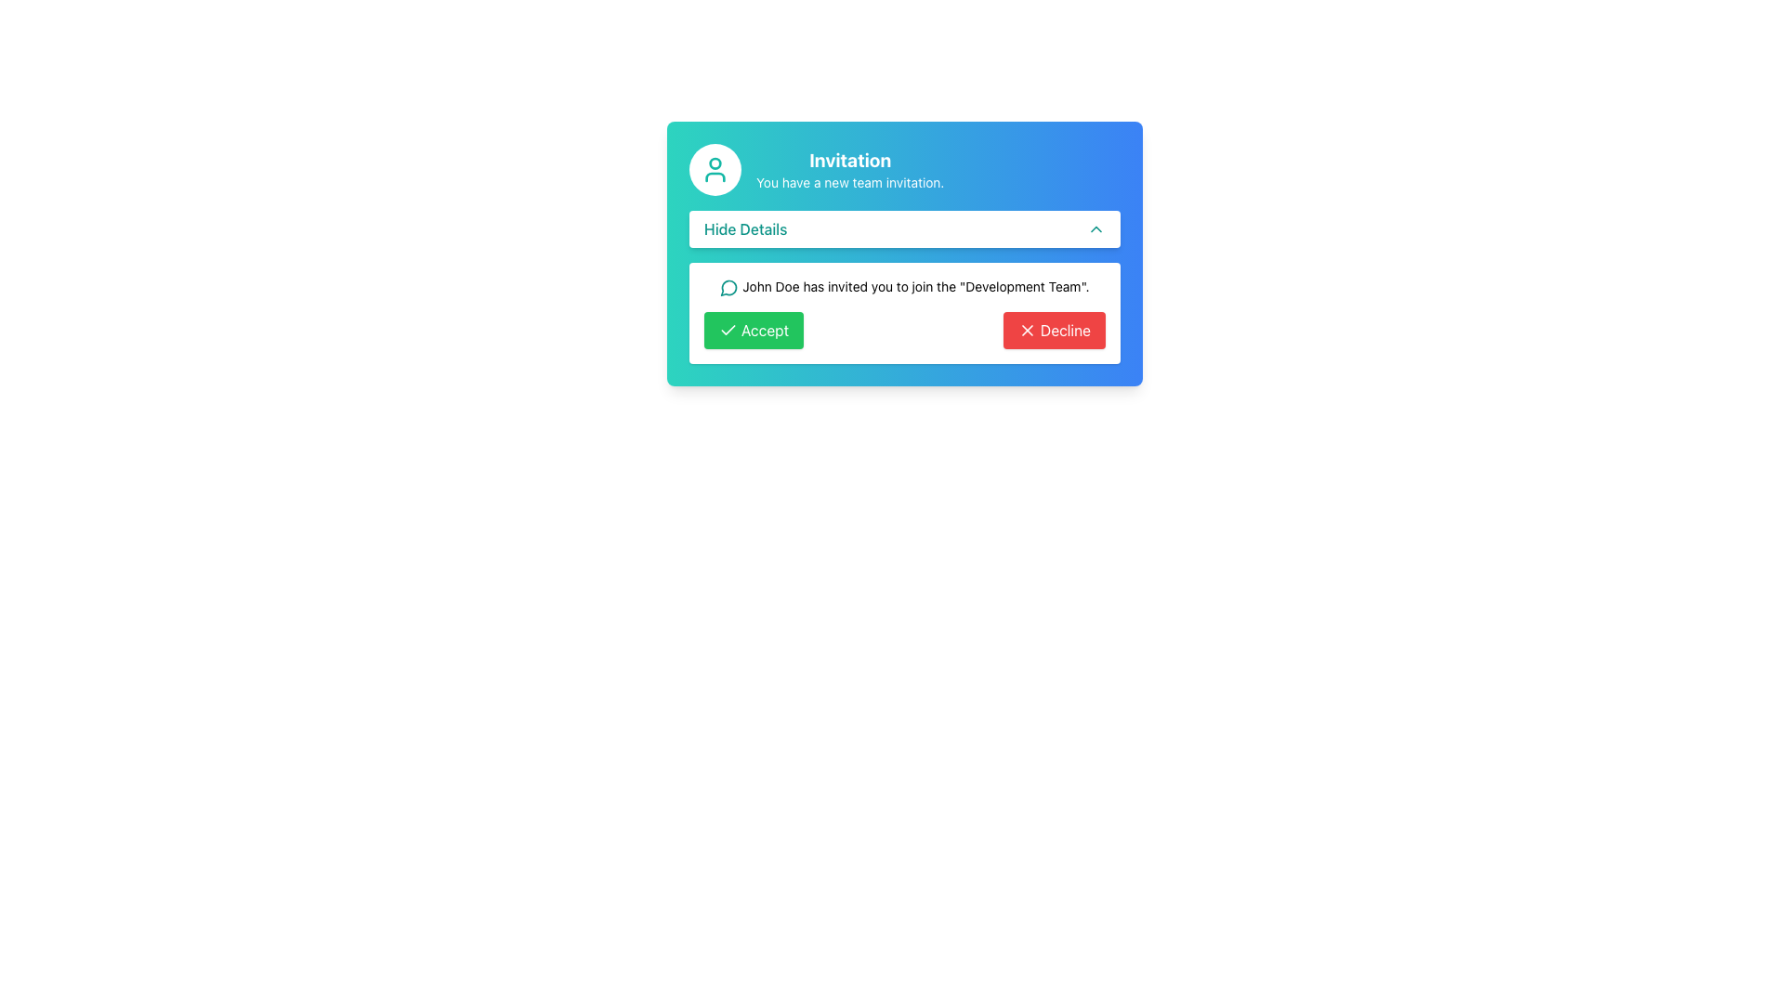  Describe the element at coordinates (728, 288) in the screenshot. I see `the teal circular icon with a speech-bubble-like outline located to the left of the invitation text 'John Doe has invited you to join the Development Team'` at that location.